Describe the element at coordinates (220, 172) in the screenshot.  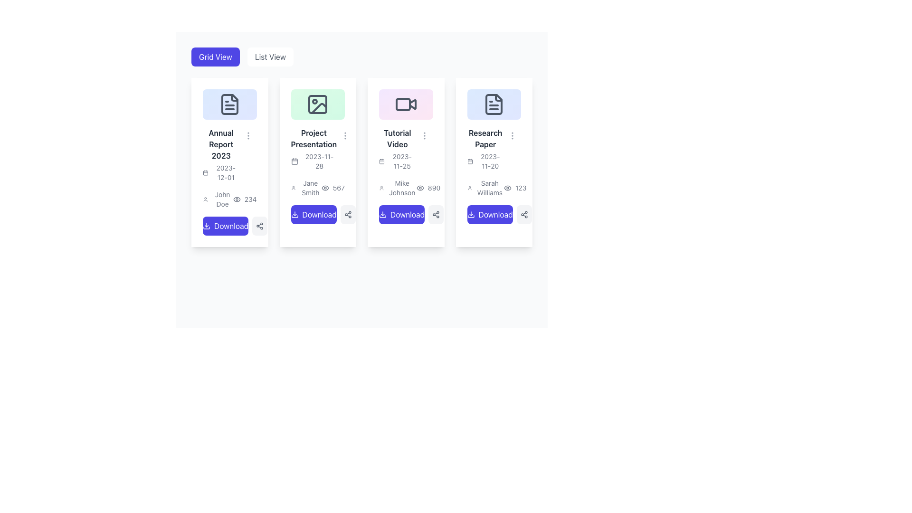
I see `the text '2023-12-01' displayed in a small, gray font, which is positioned next to a calendar icon, located below the title 'Annual Report 2023' and above the author and statistics information` at that location.